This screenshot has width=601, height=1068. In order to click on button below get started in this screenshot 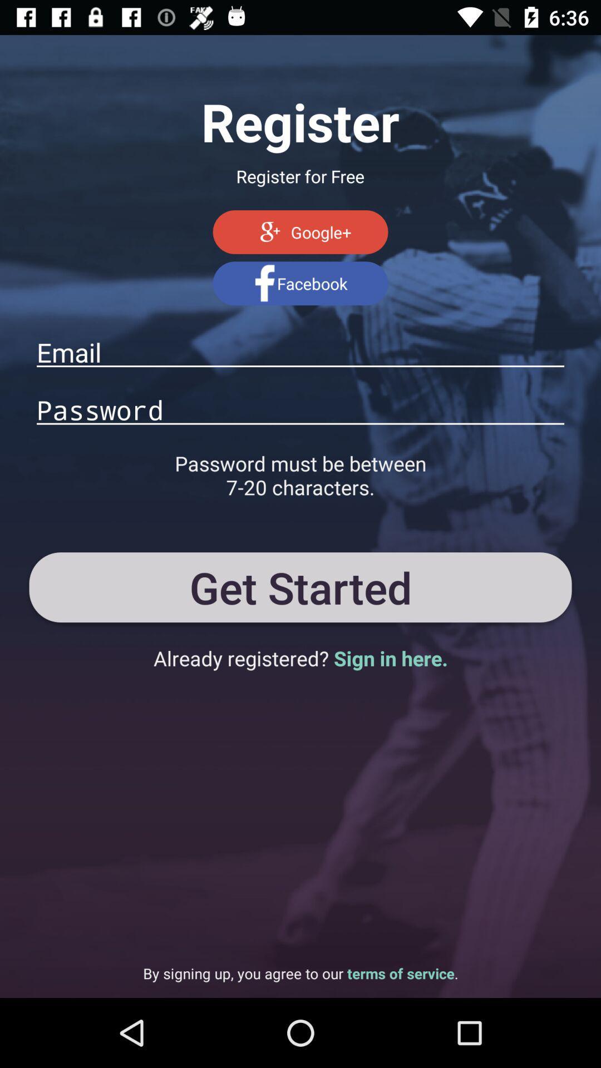, I will do `click(300, 658)`.